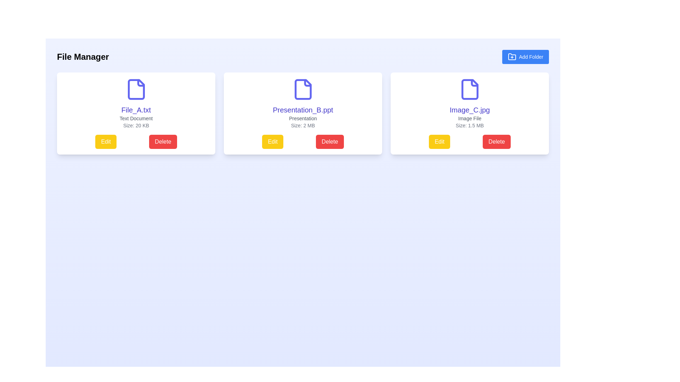  What do you see at coordinates (303, 118) in the screenshot?
I see `the text label displaying 'Presentation' in small-sized gray font, located between 'Presentation_B.ppt' and 'Size: 2 MB' within the central file card` at bounding box center [303, 118].